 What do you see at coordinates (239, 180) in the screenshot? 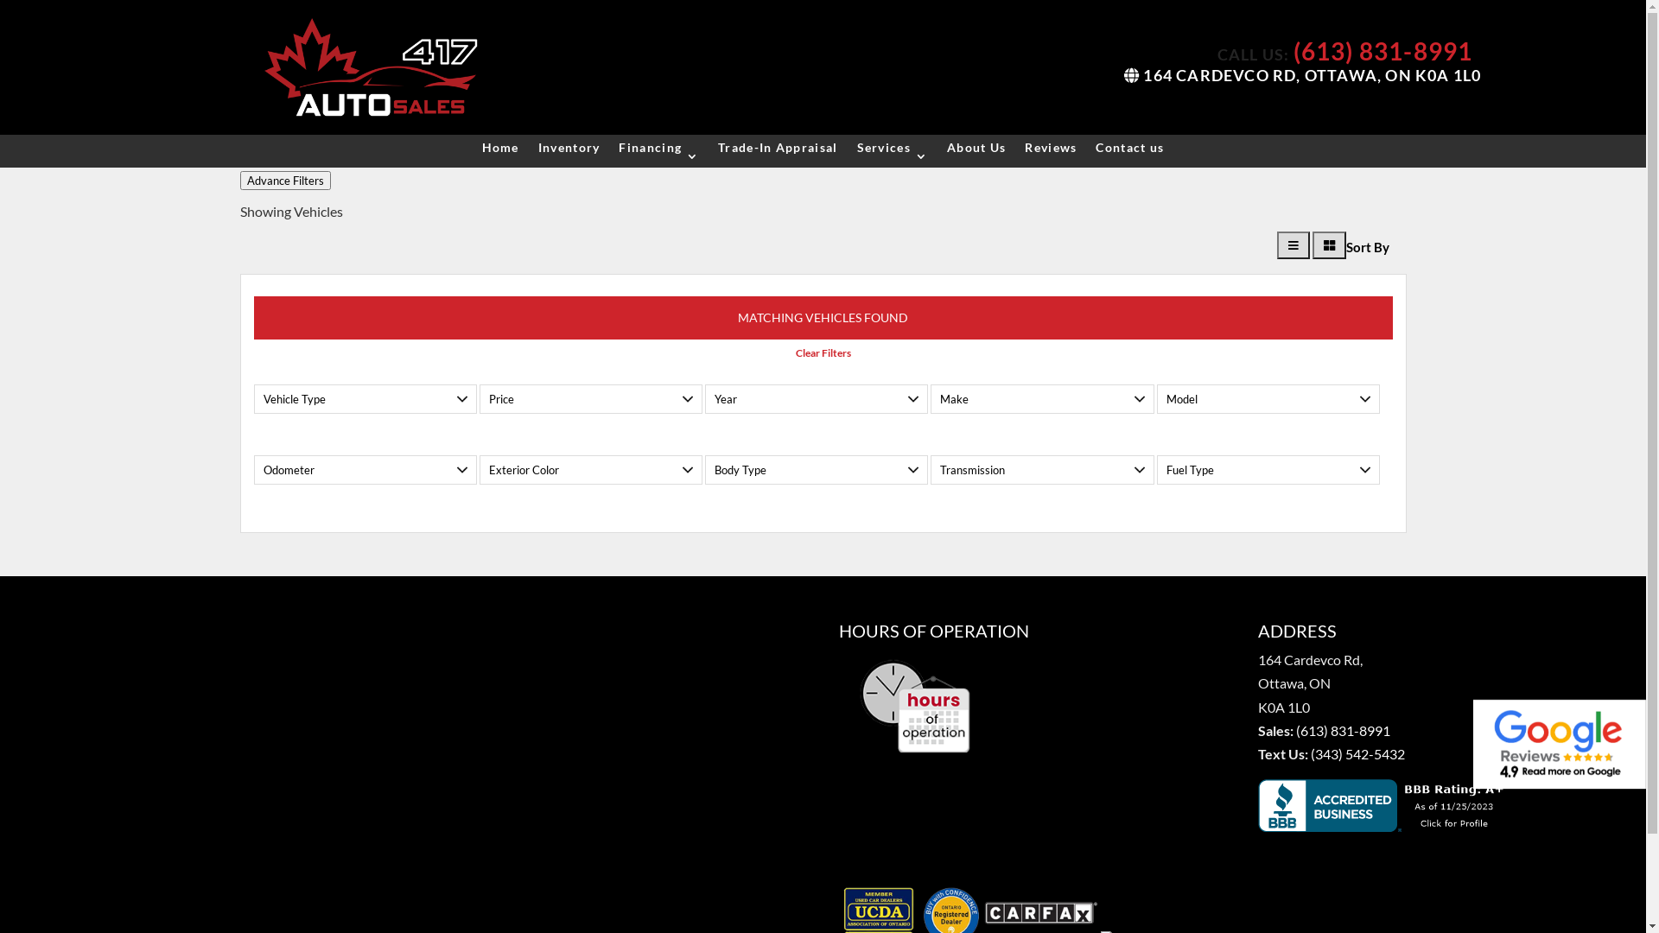
I see `'Advance Filters'` at bounding box center [239, 180].